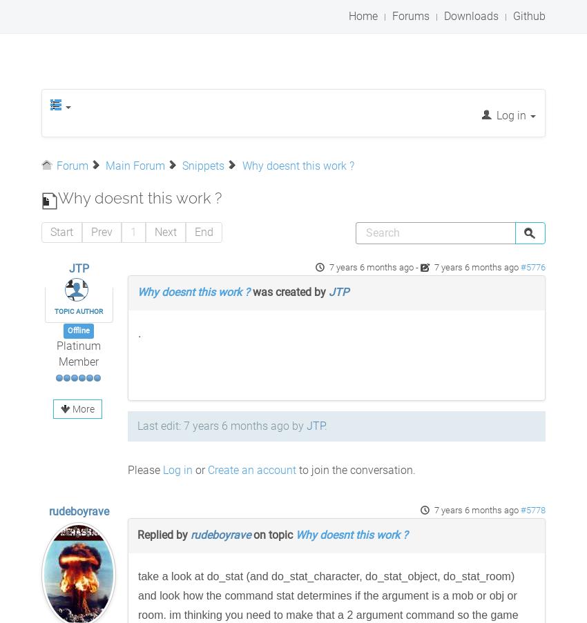 This screenshot has height=623, width=587. What do you see at coordinates (411, 15) in the screenshot?
I see `'Forums'` at bounding box center [411, 15].